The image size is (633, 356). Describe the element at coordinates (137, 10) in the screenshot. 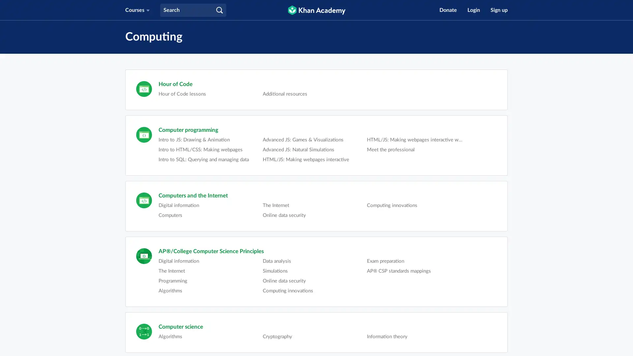

I see `Courses` at that location.